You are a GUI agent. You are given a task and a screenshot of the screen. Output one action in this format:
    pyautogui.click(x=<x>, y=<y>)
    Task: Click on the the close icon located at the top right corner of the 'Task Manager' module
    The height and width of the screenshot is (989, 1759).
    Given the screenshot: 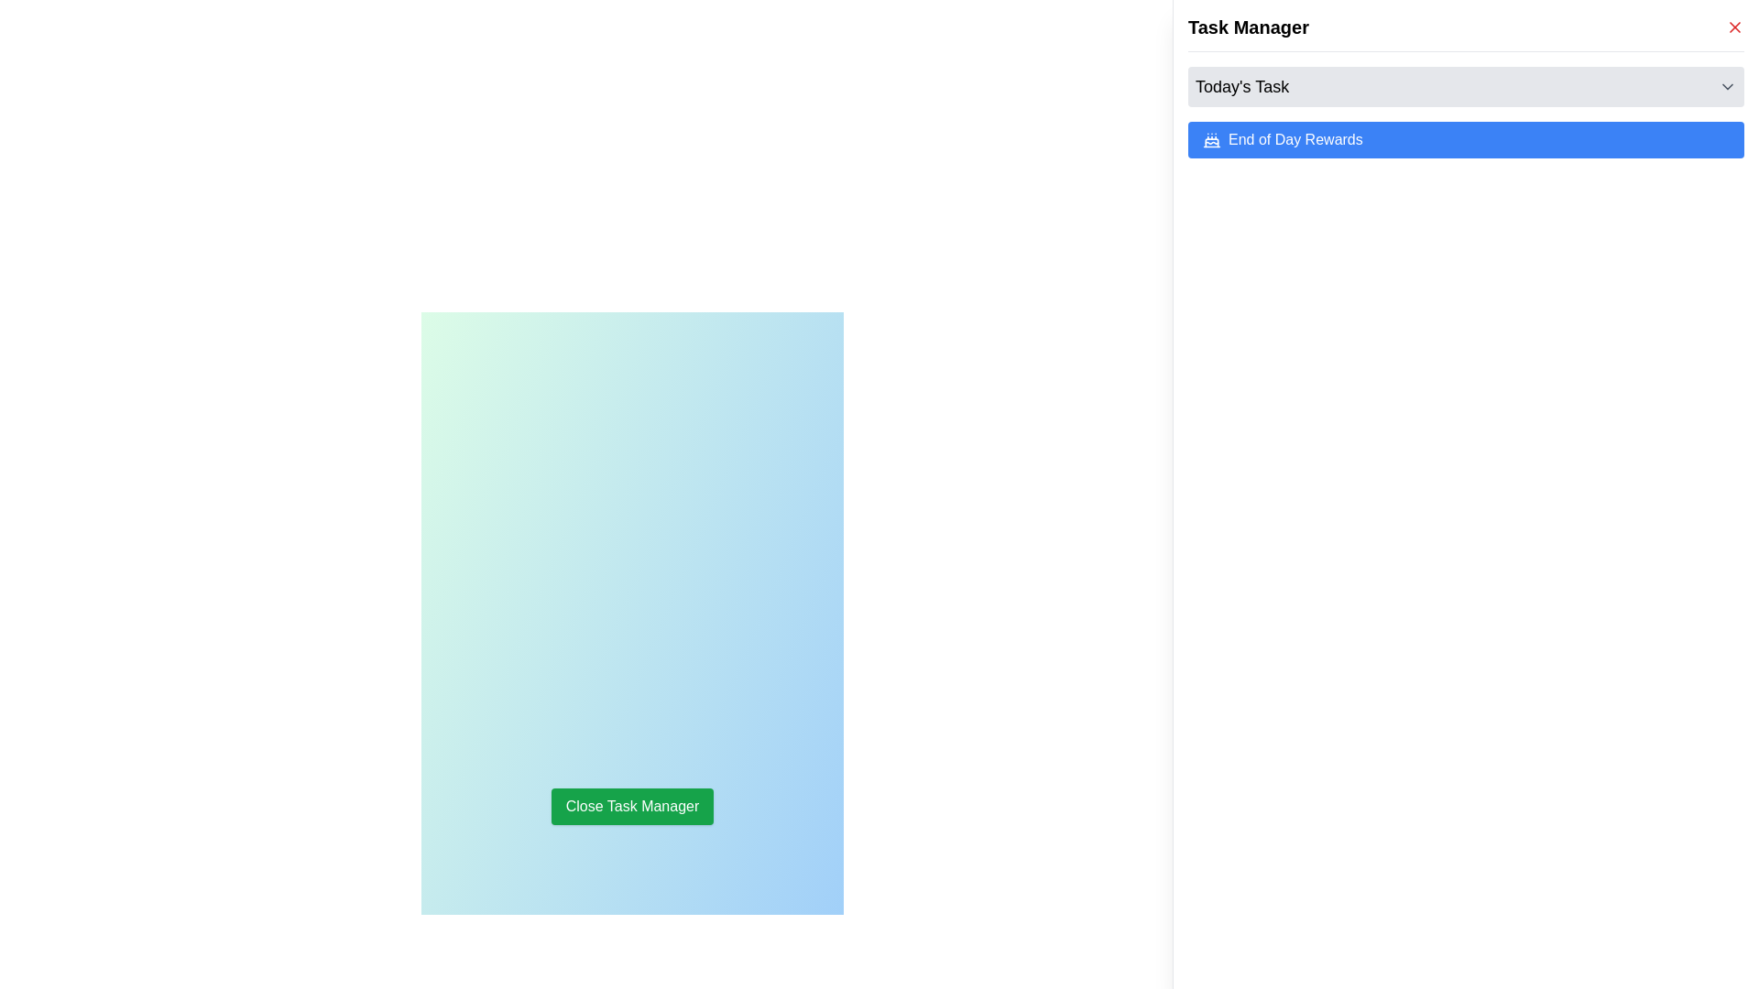 What is the action you would take?
    pyautogui.click(x=1734, y=27)
    